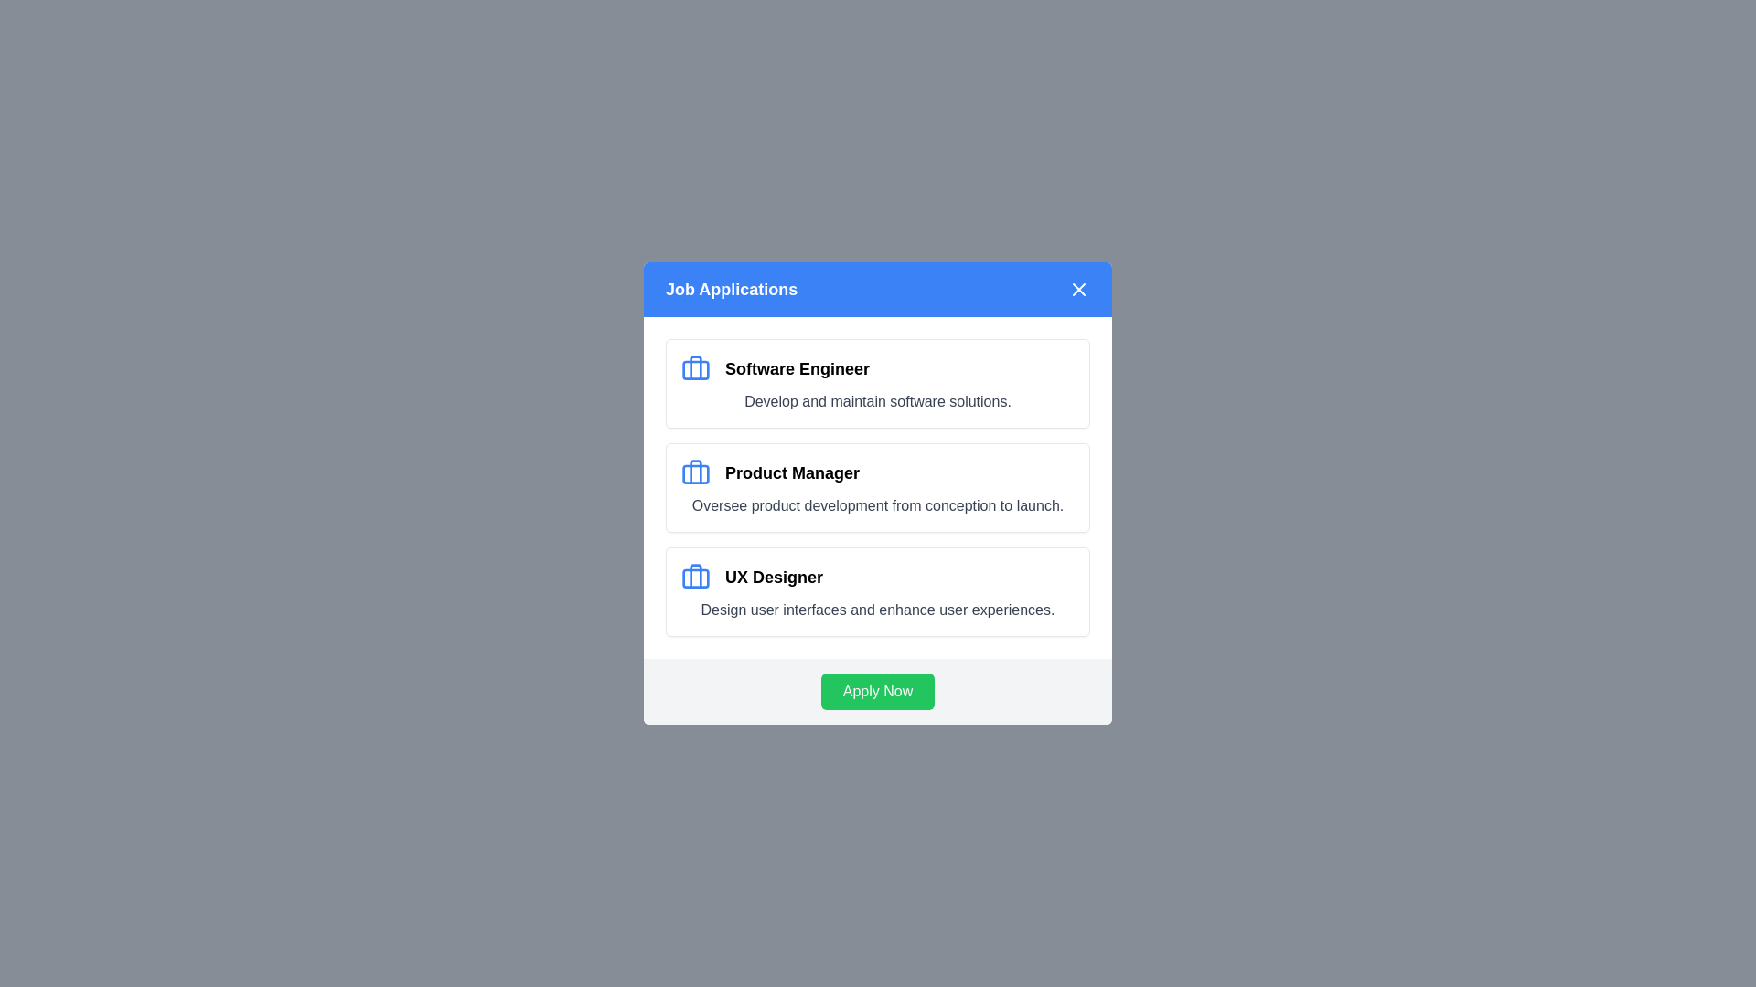 This screenshot has height=987, width=1756. I want to click on the 'Apply Now' button, which is a rectangular button with a green background and white text, located centrally at the bottom of a modal dialog box under job descriptions, so click(878, 691).